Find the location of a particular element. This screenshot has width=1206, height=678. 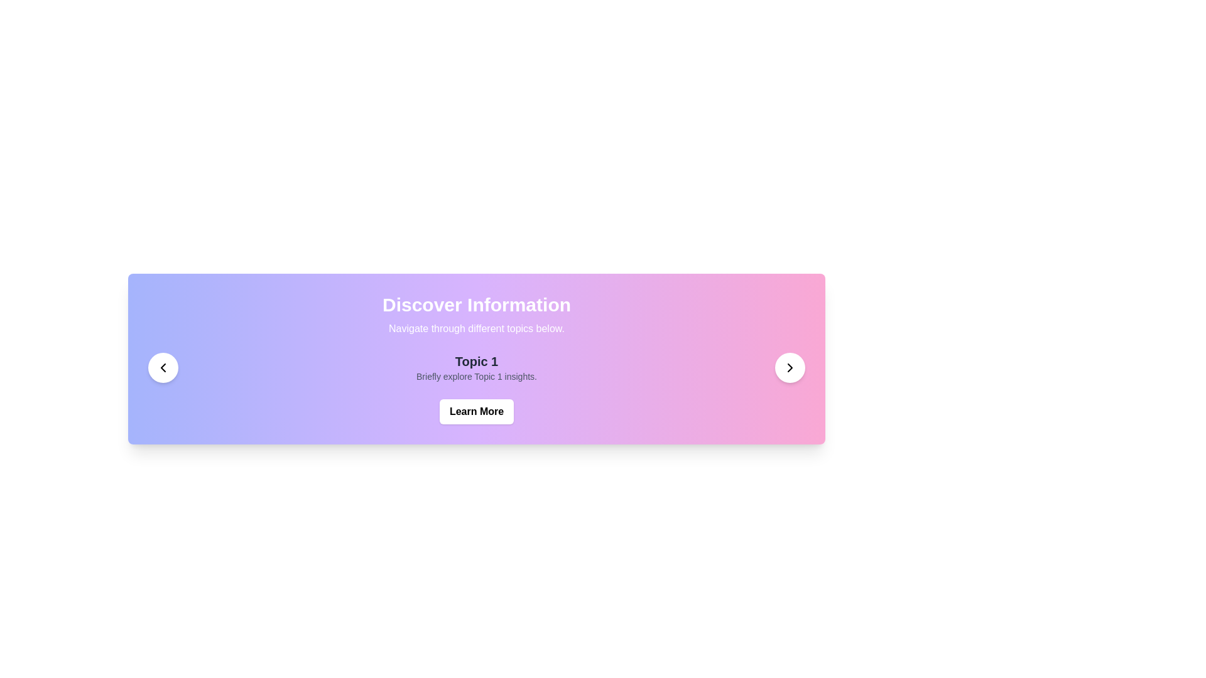

the navigational button on the left side of the card to move to the previous topic in the carousel interface is located at coordinates (162, 367).